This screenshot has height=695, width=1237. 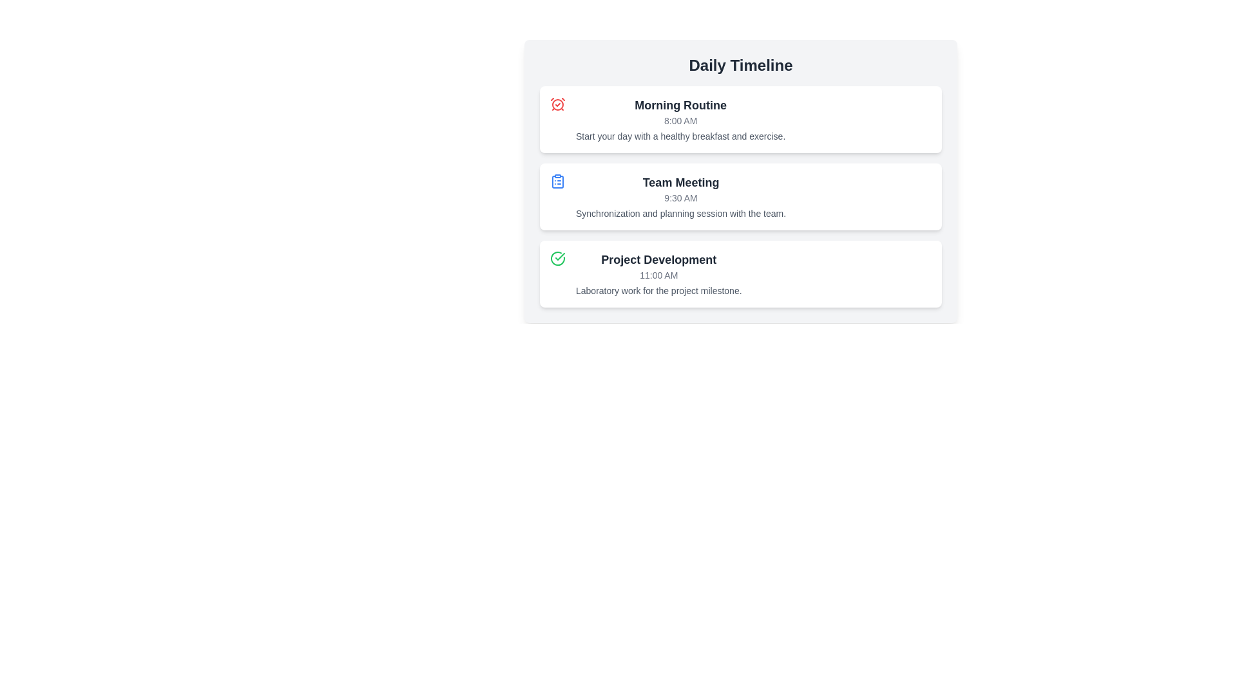 I want to click on the center of the clock icon representing the first item in the daily timeline list, which indicates the 'Morning Routine', so click(x=557, y=104).